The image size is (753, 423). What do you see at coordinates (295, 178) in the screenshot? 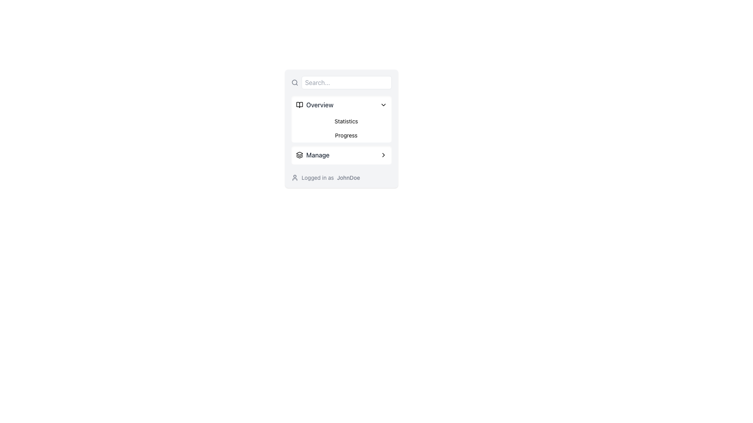
I see `the user icon located at the bottom left of the interface panel, which represents the logged-in user without text, positioned to the left of 'Logged in as JohnDoe'` at bounding box center [295, 178].